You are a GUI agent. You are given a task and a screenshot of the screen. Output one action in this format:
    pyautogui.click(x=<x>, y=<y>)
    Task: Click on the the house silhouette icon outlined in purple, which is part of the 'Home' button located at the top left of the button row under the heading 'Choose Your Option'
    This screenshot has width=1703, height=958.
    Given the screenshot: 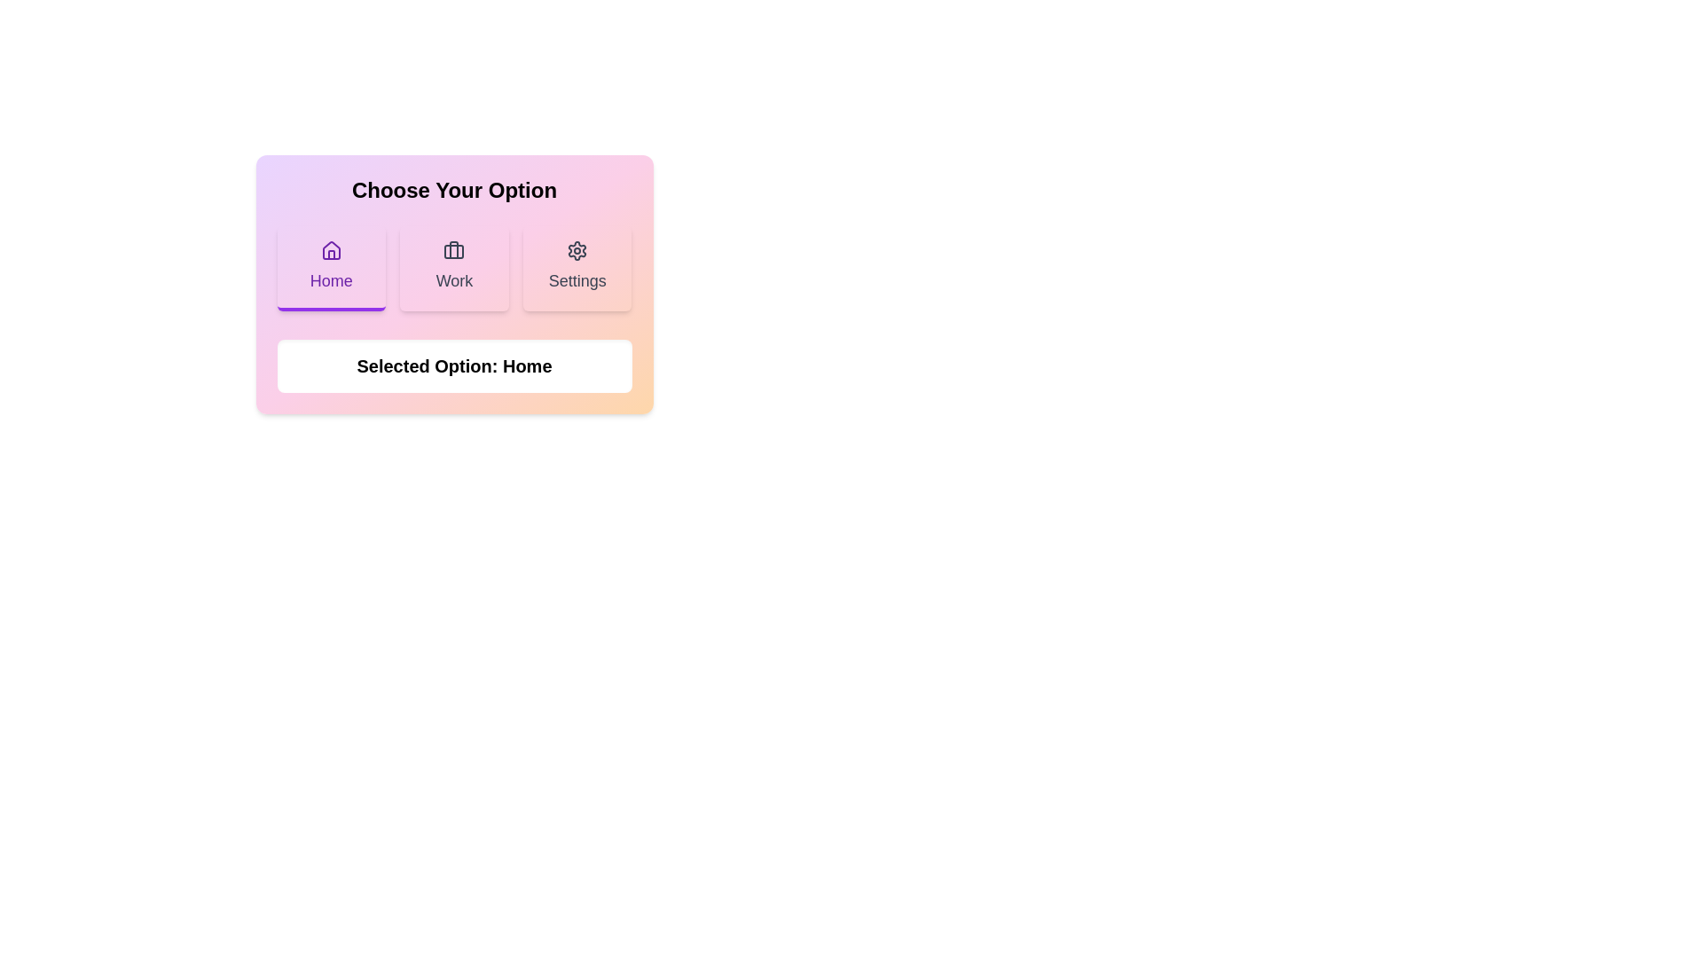 What is the action you would take?
    pyautogui.click(x=331, y=250)
    